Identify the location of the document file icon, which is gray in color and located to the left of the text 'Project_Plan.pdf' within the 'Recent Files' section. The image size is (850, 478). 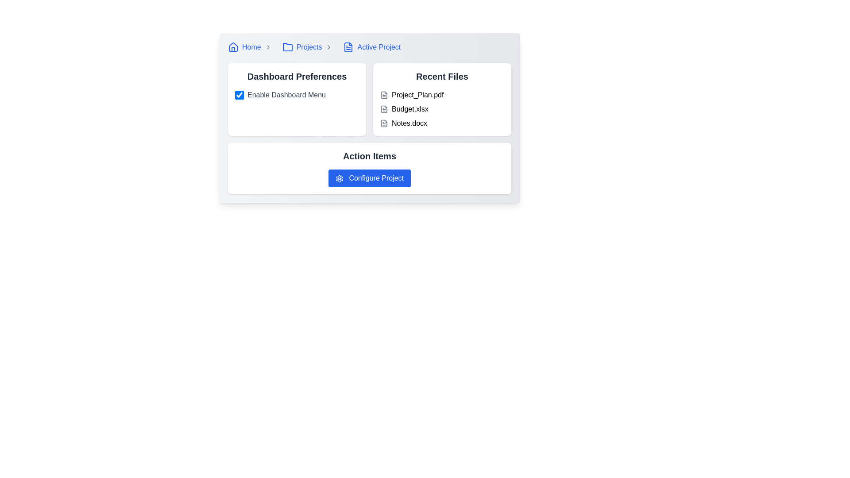
(384, 95).